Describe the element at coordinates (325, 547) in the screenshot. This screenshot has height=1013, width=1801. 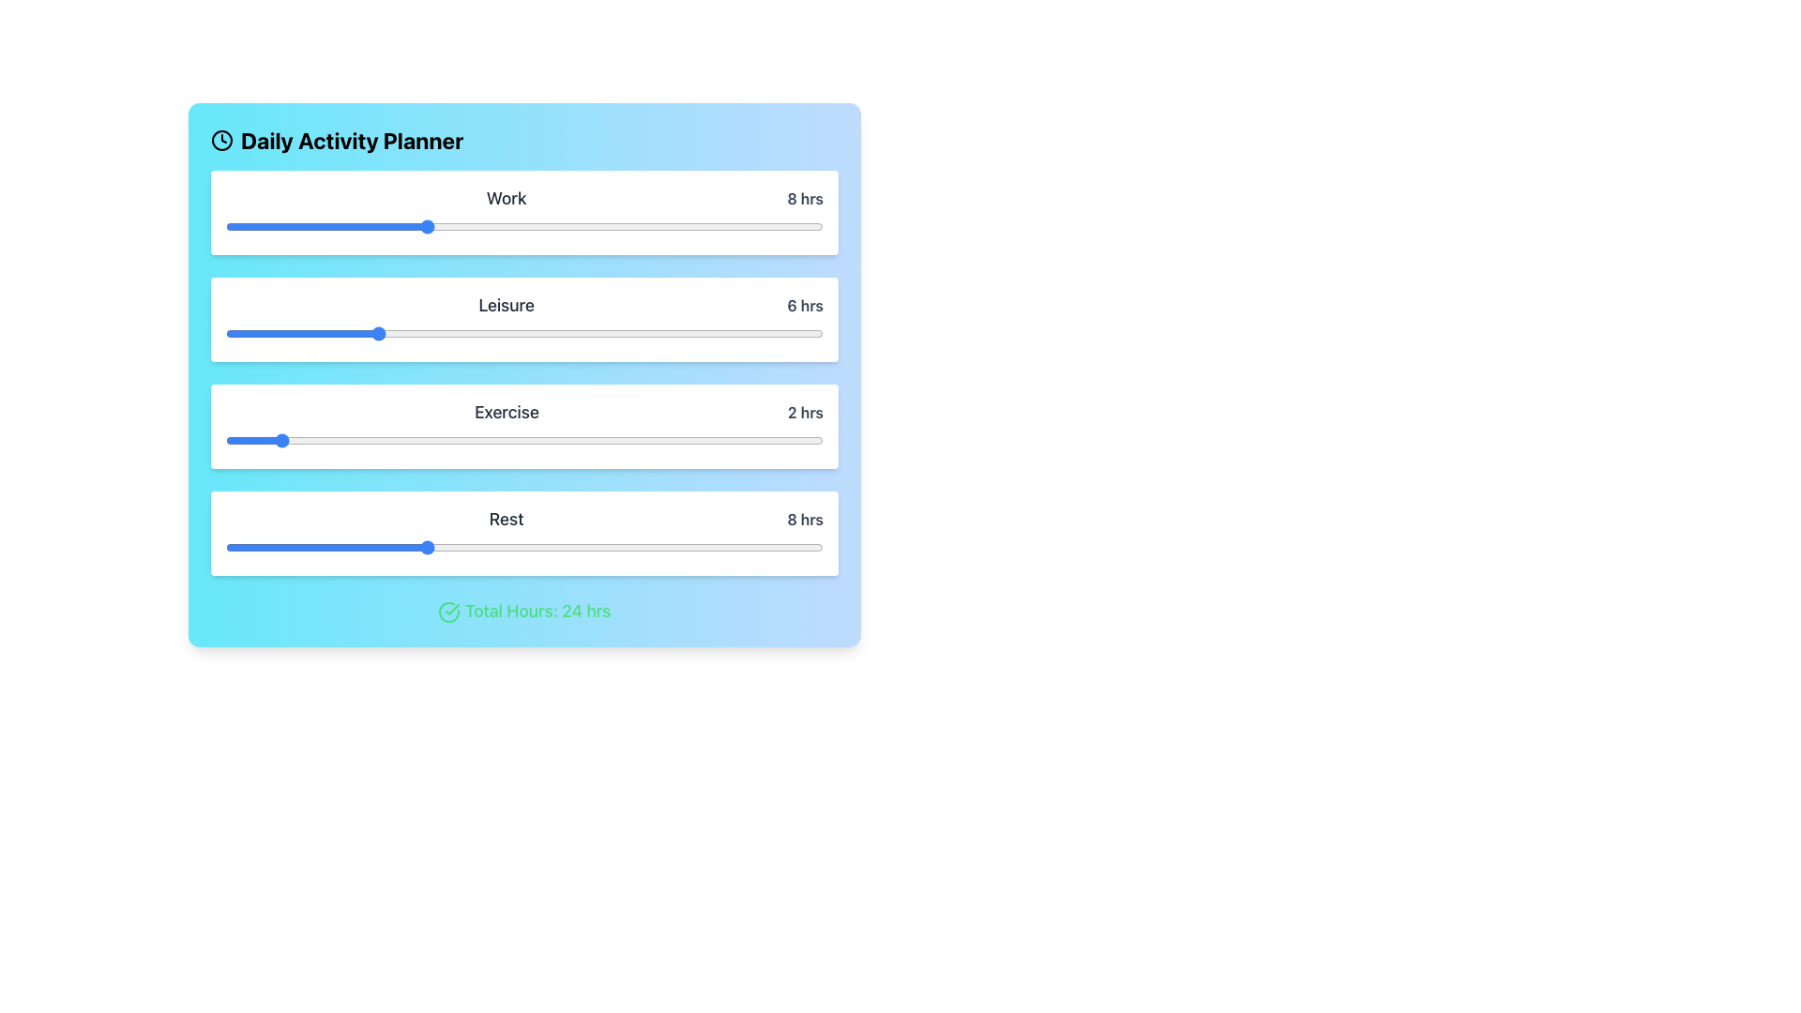
I see `the 'Rest' hours` at that location.